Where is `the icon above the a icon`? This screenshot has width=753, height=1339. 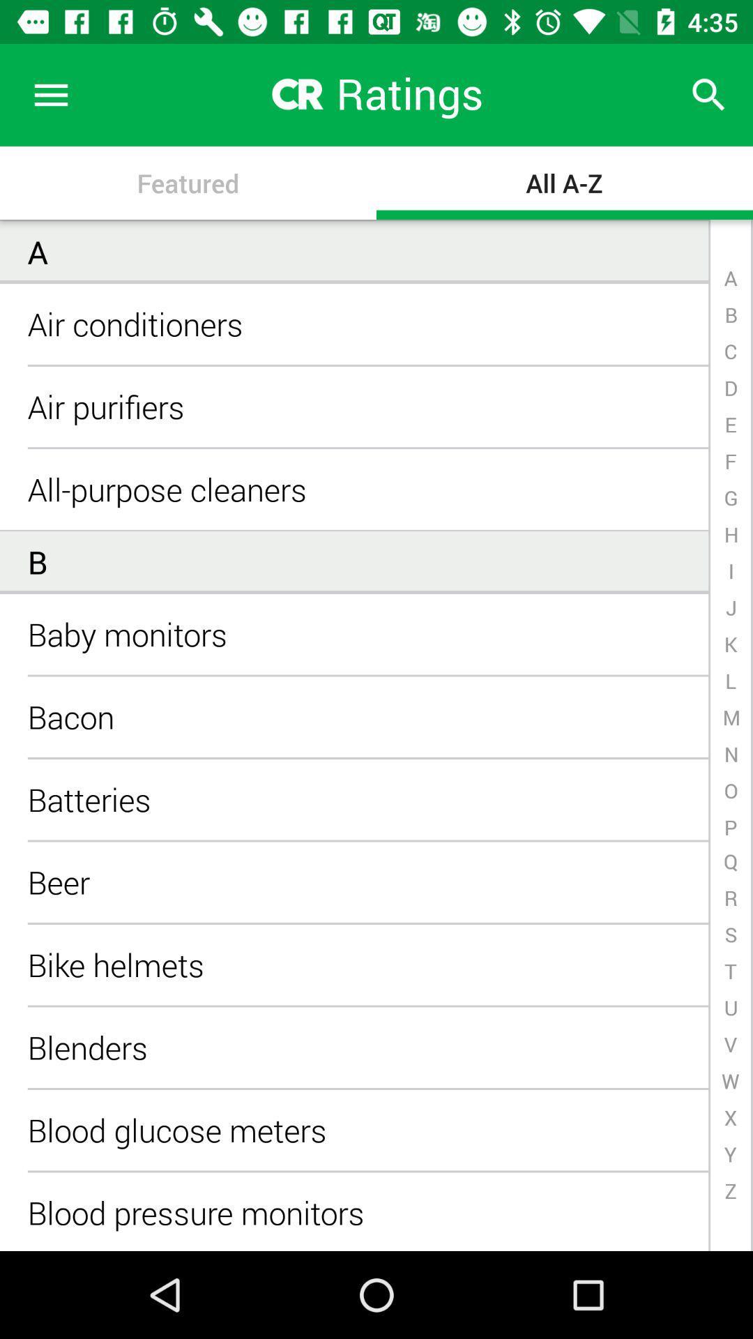 the icon above the a icon is located at coordinates (50, 94).